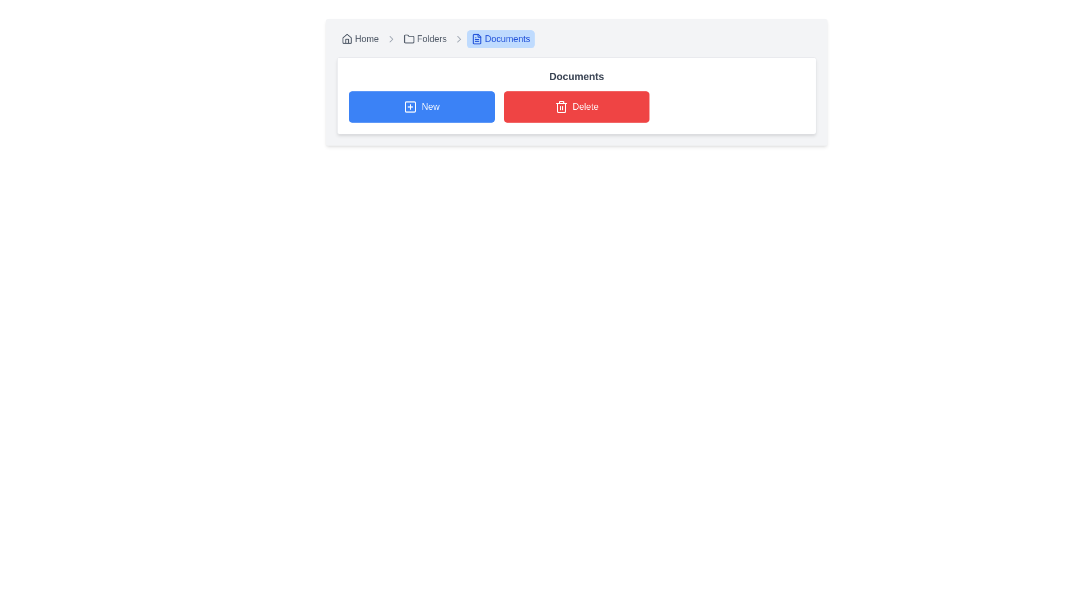  I want to click on the folder icon in the breadcrumb navigation bar, which is positioned between the home icon and the document icon, representing the 'Folders' section, so click(408, 38).